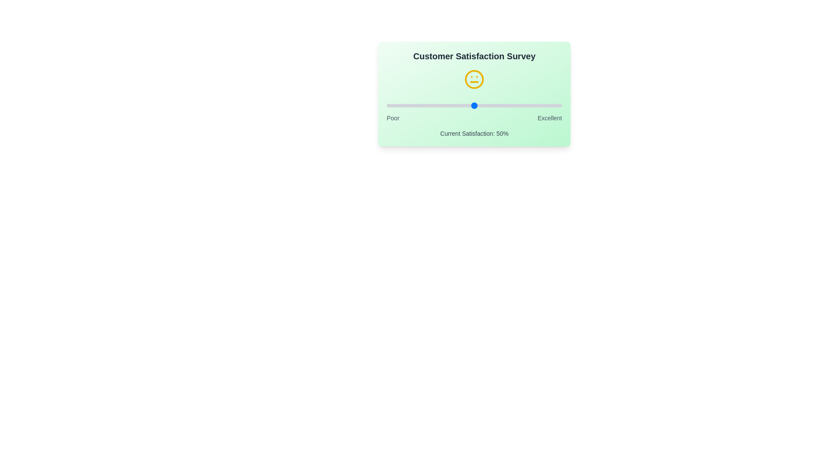 This screenshot has height=464, width=825. I want to click on the satisfaction slider to 75% to observe the emoji change, so click(517, 105).